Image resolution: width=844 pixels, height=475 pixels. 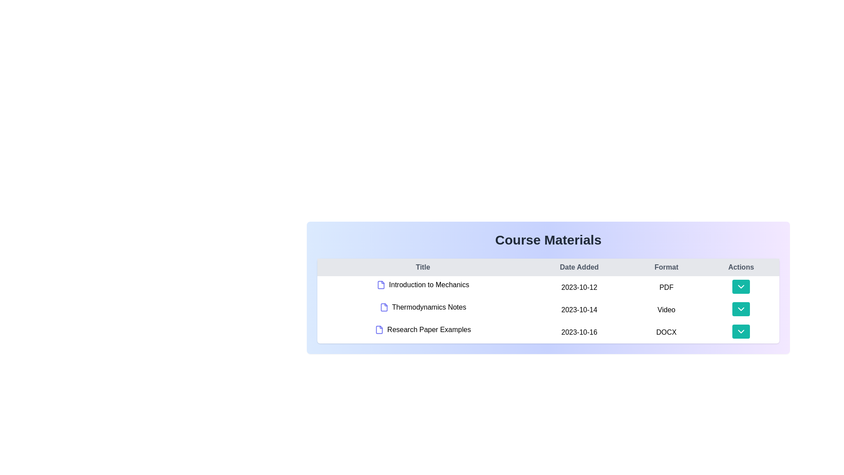 What do you see at coordinates (666, 309) in the screenshot?
I see `the text label indicating the format of the course material, which specifies it as a video in the table row for 'Thermodynamics Notes'` at bounding box center [666, 309].